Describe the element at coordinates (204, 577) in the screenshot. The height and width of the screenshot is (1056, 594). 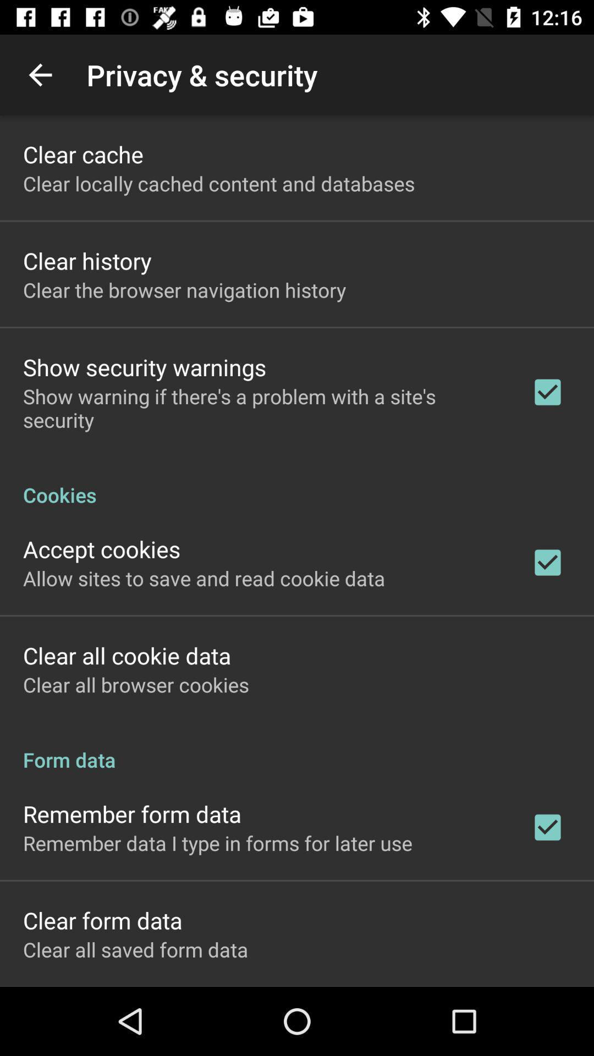
I see `allow sites to icon` at that location.